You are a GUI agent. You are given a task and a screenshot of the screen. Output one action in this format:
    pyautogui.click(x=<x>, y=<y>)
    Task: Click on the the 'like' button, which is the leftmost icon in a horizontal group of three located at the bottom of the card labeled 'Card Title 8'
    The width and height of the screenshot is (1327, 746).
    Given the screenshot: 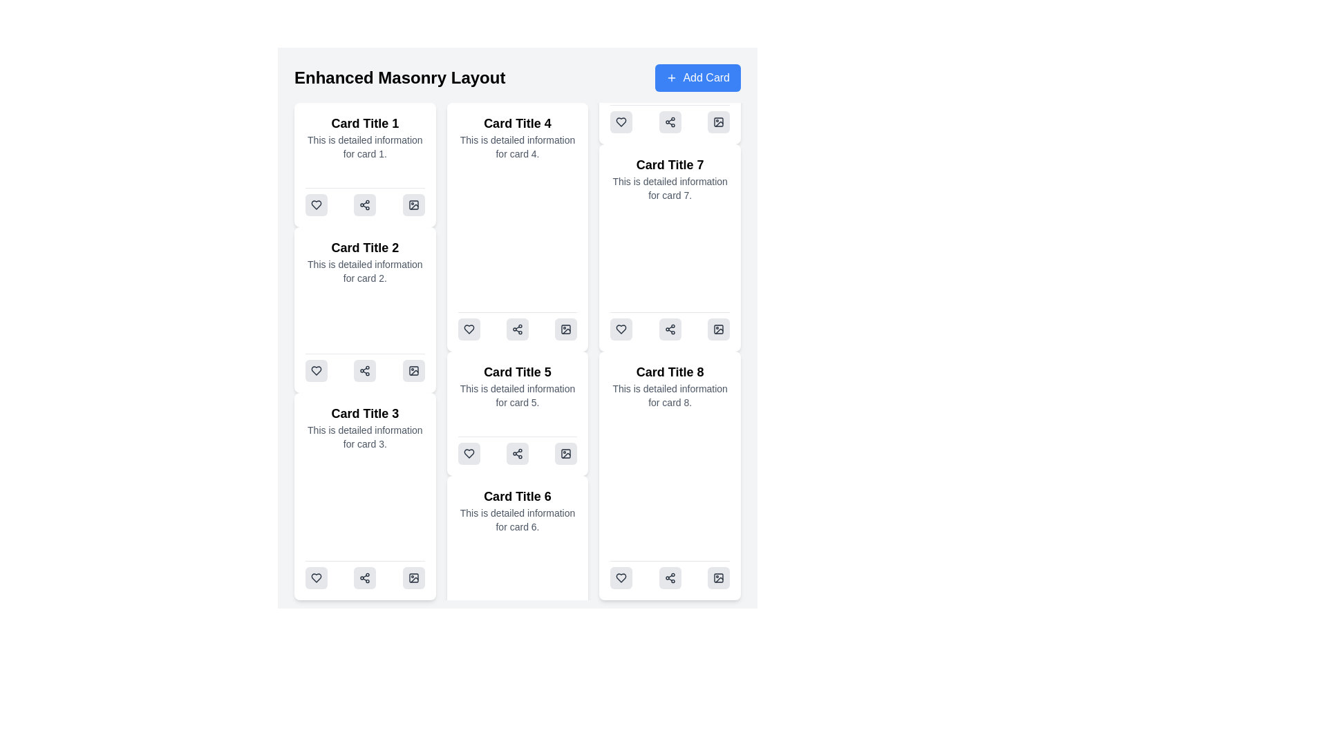 What is the action you would take?
    pyautogui.click(x=621, y=329)
    